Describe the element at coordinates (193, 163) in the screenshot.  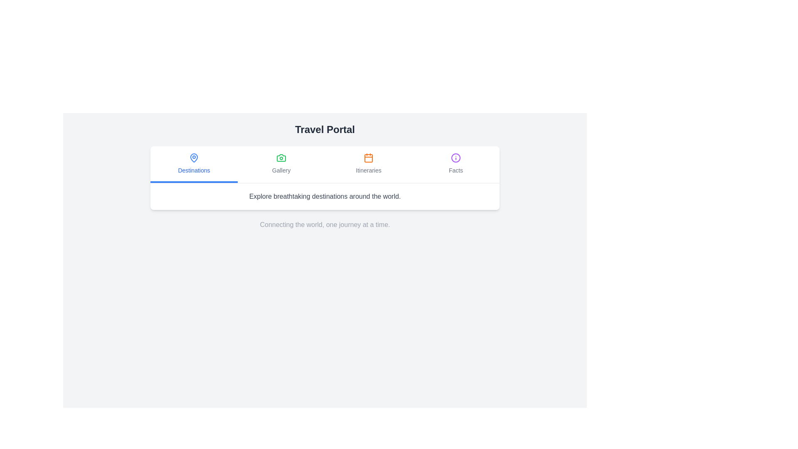
I see `the Navigation button labeled 'Destinations' which features a location pin icon and a blue text label` at that location.